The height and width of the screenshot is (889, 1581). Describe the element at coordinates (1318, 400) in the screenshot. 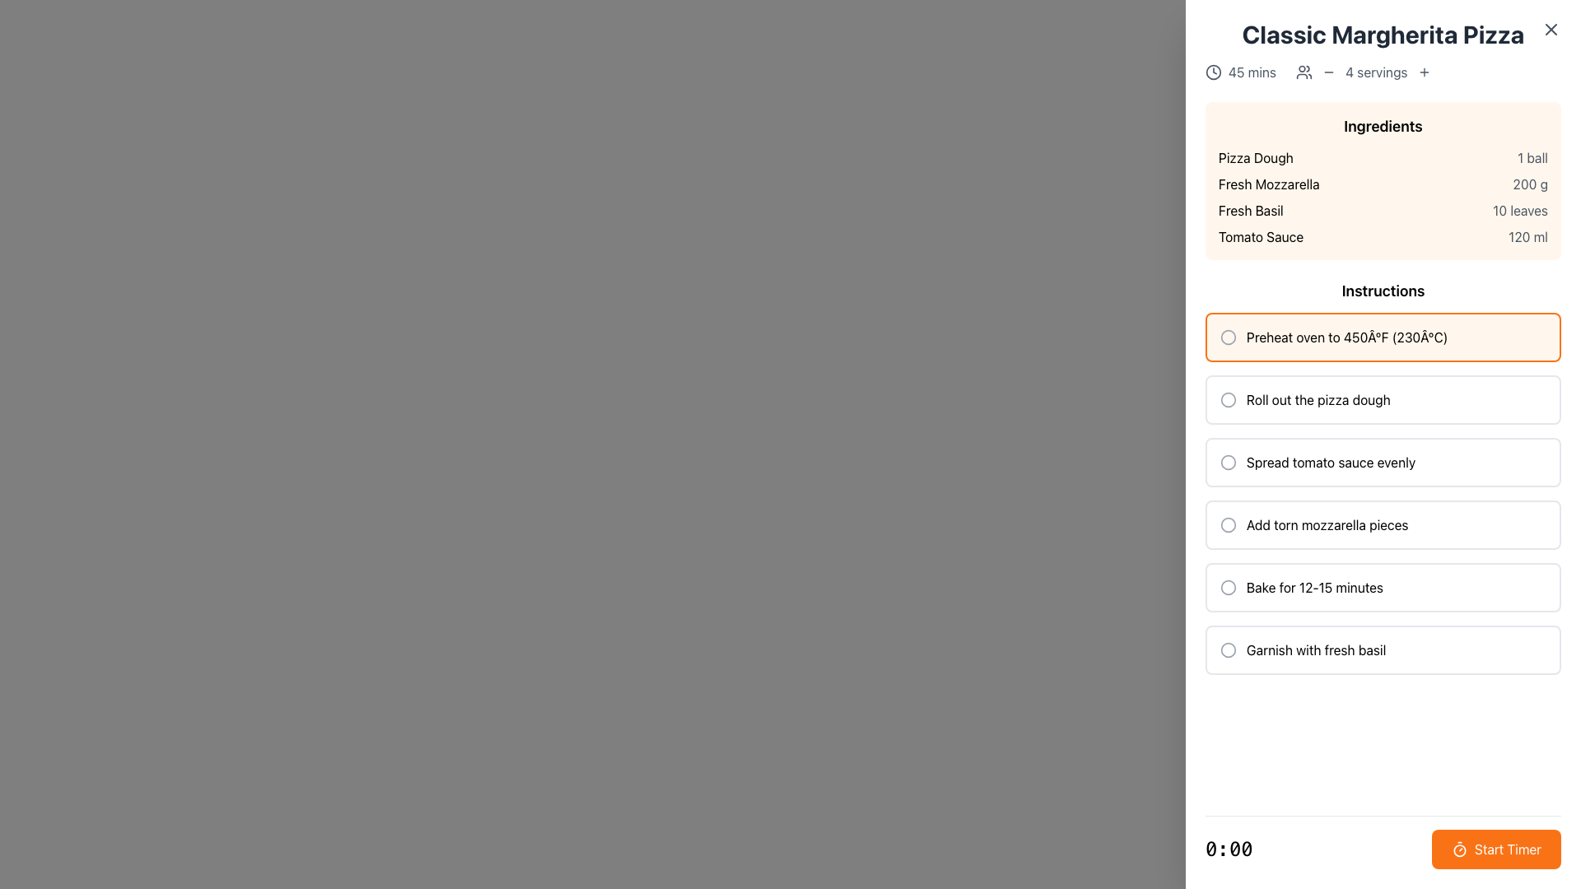

I see `the text label 'Roll out the pizza dough' located in the 'Instructions' section, which is the second item in a vertical list, positioned between 'Preheat oven to 450°F (230°C)' and 'Spread tomato sauce evenly.'` at that location.